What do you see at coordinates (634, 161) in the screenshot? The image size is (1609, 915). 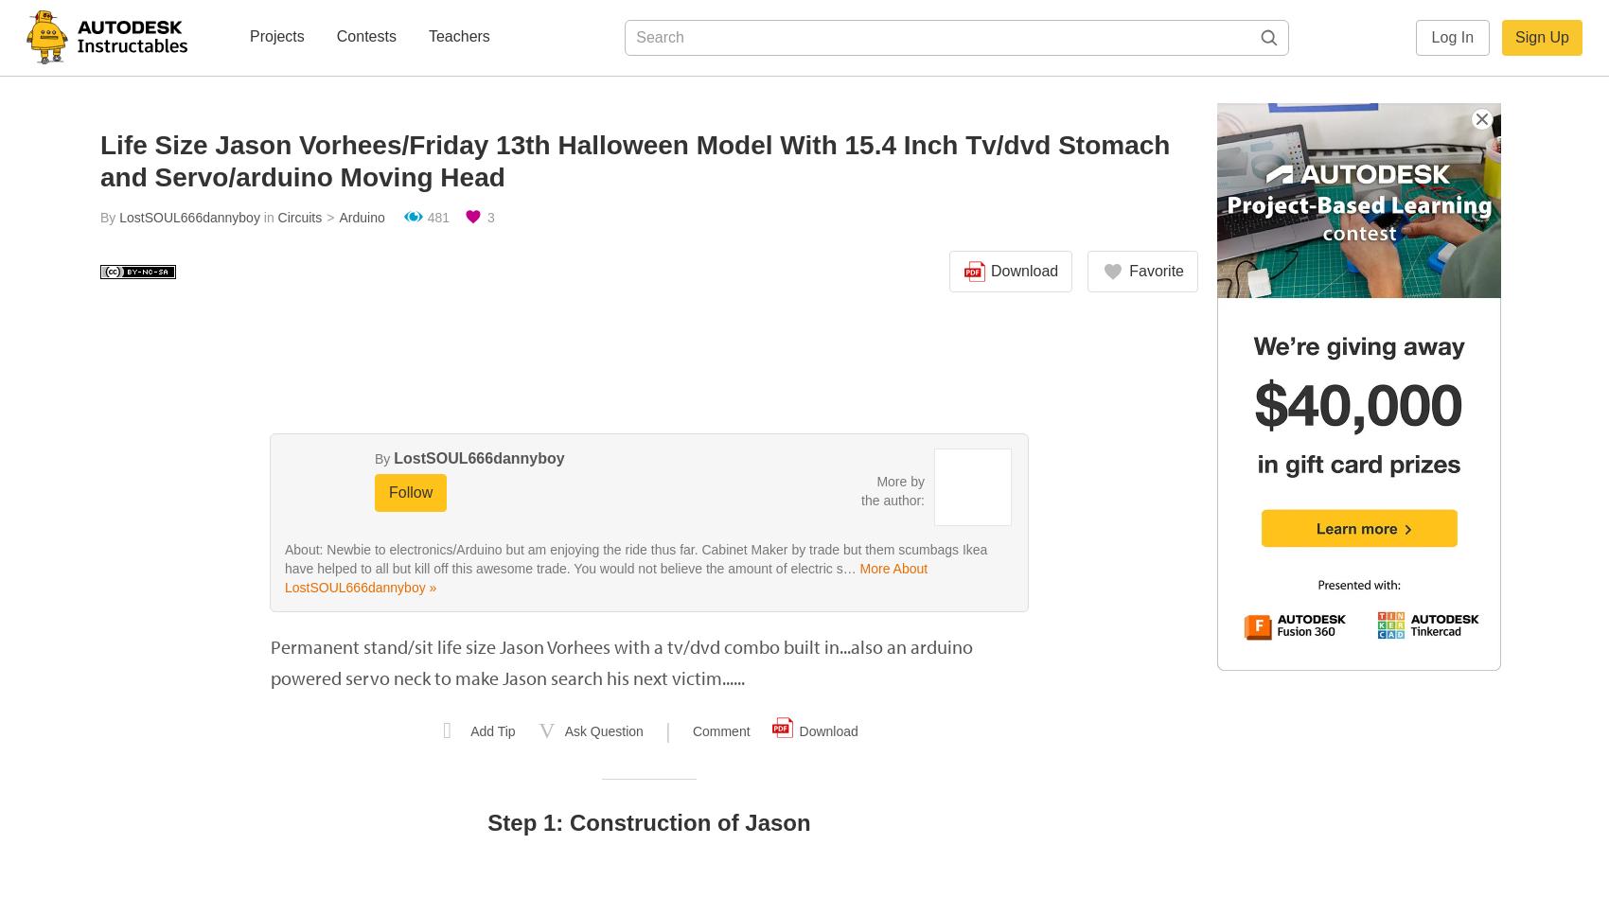 I see `'Life Size Jason Vorhees/Friday 13th Halloween Model With 15.4 Inch Tv/dvd Stomach and Servo/arduino Moving Head'` at bounding box center [634, 161].